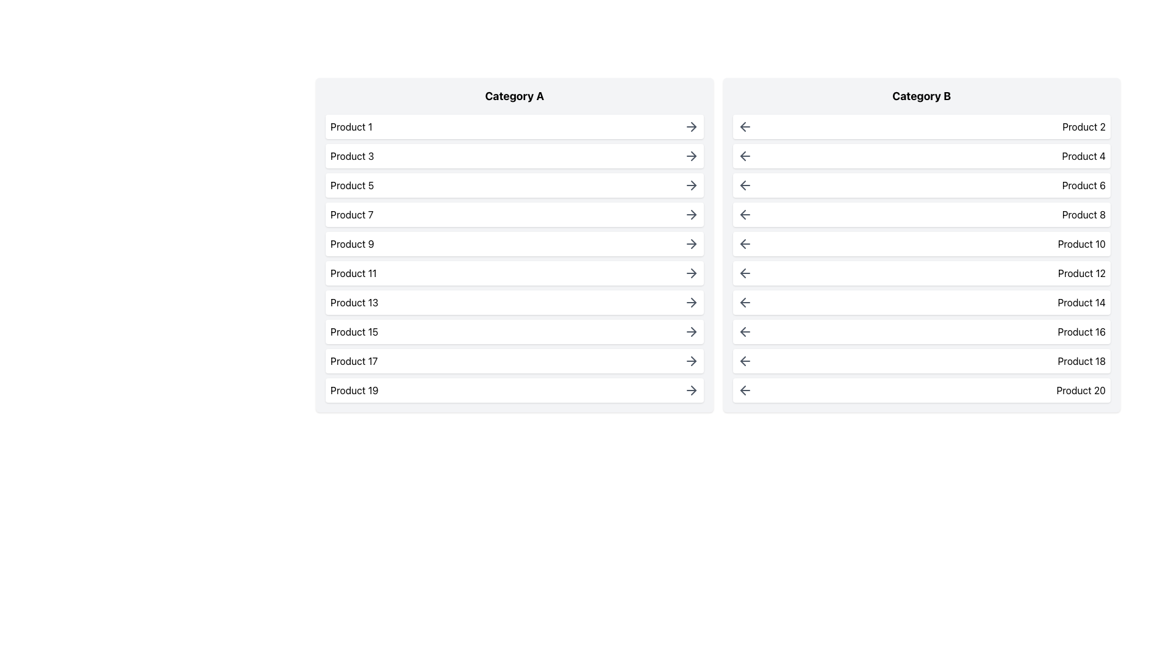 This screenshot has width=1171, height=659. What do you see at coordinates (742, 155) in the screenshot?
I see `the left-facing arrow icon associated with 'Product 4' in 'Category B'` at bounding box center [742, 155].